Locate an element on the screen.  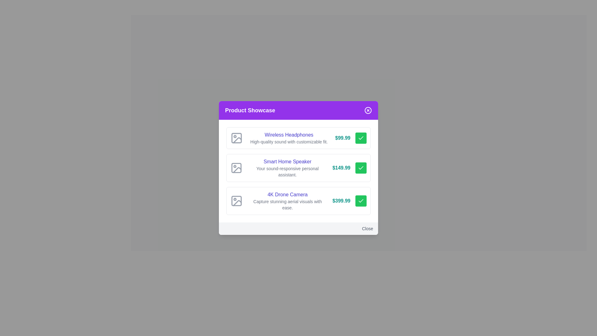
the button to confirm the selection of the product 'Wireless Headphones', located to the immediate right of the price label '$99.99' is located at coordinates (361, 138).